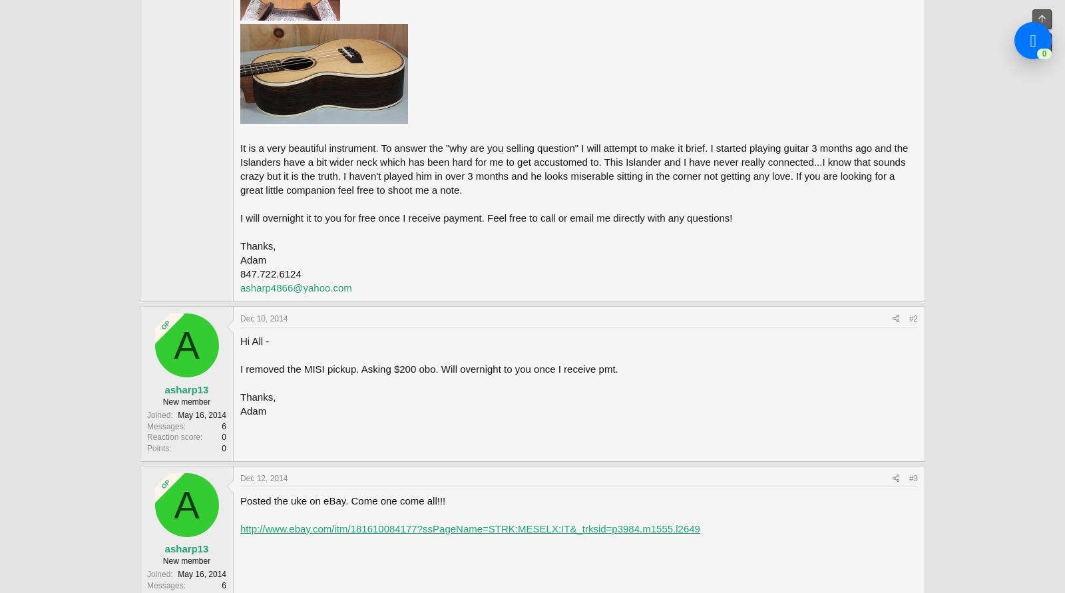  I want to click on 'I removed the MISI pickup.  Asking $200 obo.  Will overnight to you once I receive pmt.', so click(429, 369).